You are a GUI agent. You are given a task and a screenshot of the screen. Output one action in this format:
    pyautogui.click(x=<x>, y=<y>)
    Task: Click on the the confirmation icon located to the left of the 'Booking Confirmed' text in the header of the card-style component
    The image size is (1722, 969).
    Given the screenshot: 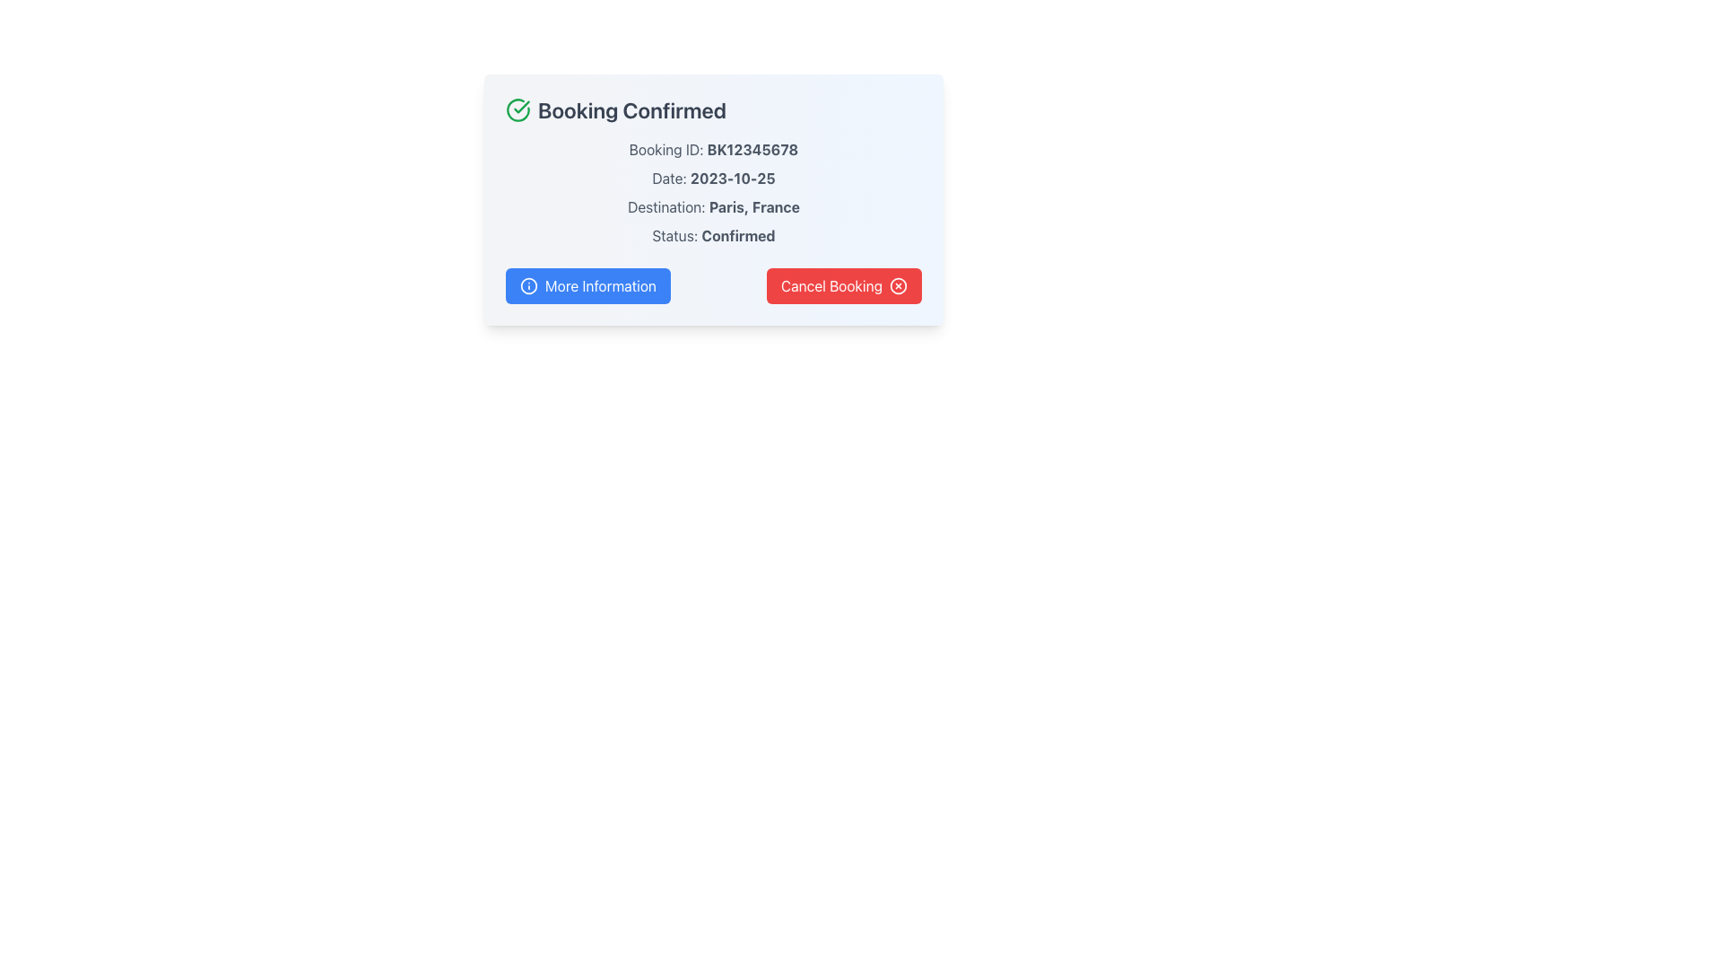 What is the action you would take?
    pyautogui.click(x=517, y=110)
    